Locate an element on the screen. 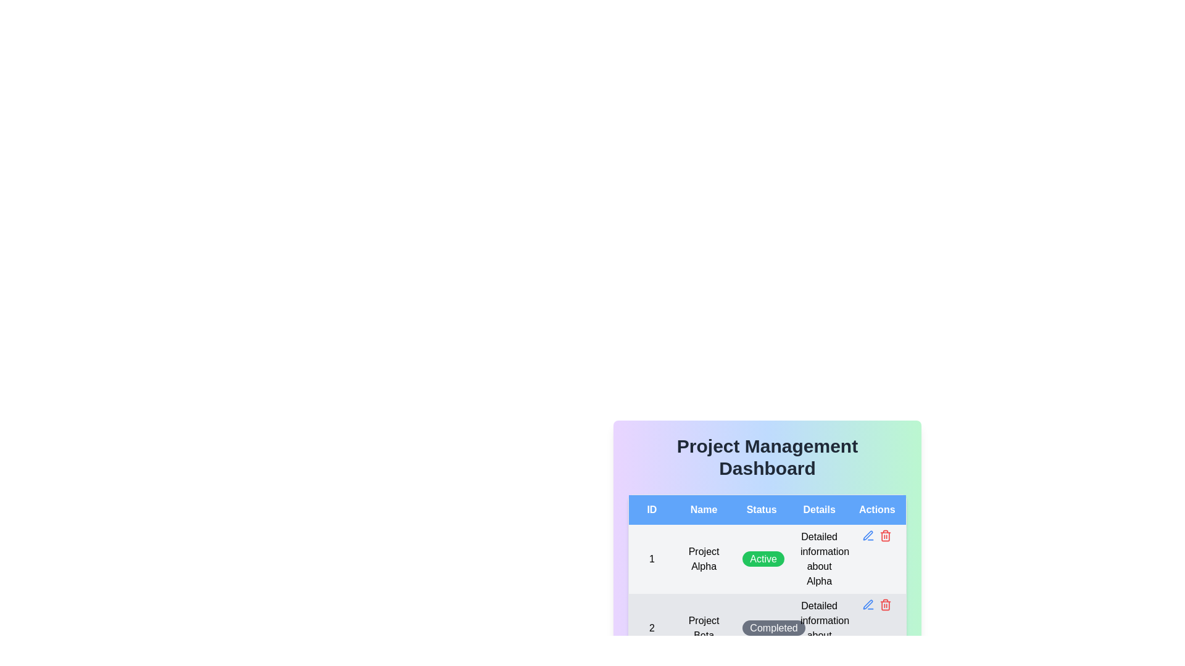  the interactive buttons in the 'Actions' column of the second row for 'Project Beta' is located at coordinates (876, 604).